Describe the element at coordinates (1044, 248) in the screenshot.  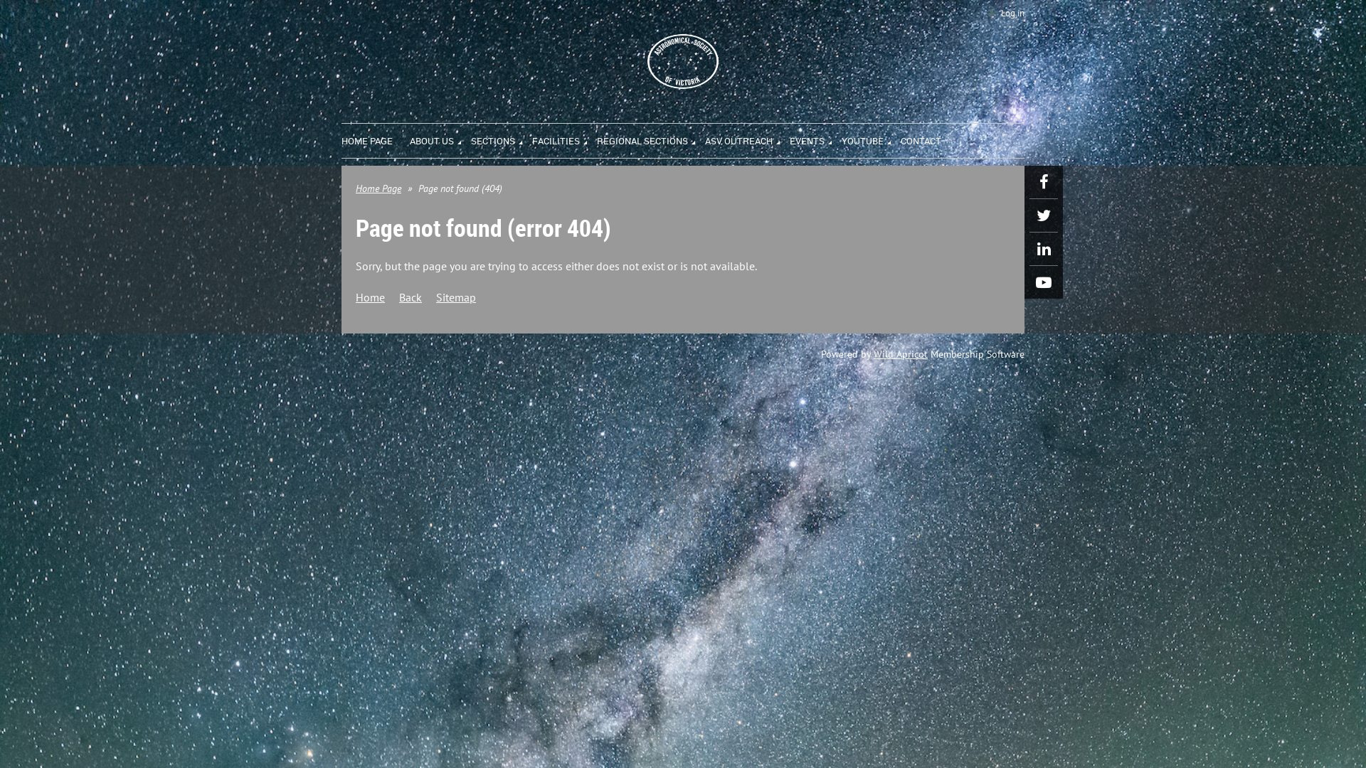
I see `'LinkedIn'` at that location.